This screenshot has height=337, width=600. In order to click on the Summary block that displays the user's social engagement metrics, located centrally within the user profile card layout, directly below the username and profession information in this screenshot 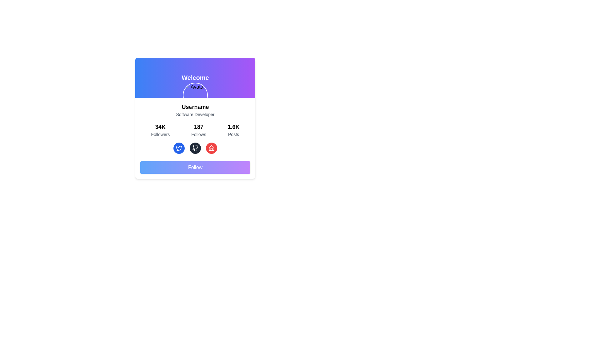, I will do `click(195, 129)`.